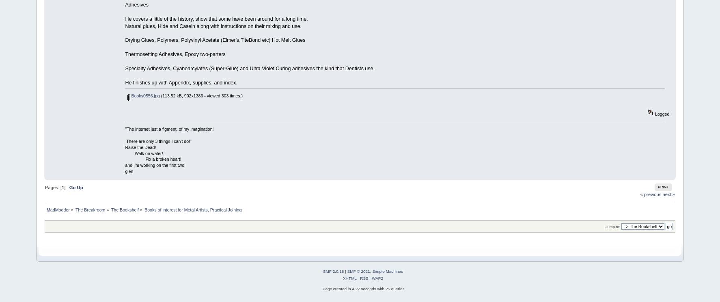 This screenshot has width=720, height=302. What do you see at coordinates (75, 187) in the screenshot?
I see `'Go Up'` at bounding box center [75, 187].